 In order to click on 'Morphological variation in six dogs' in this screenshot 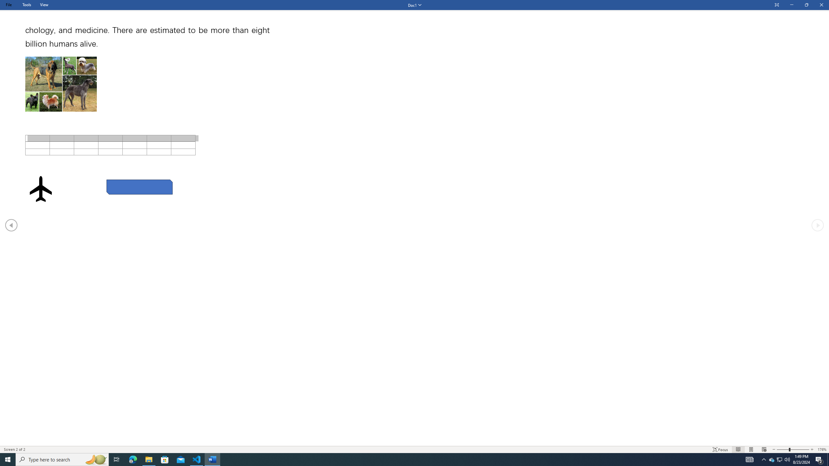, I will do `click(61, 84)`.